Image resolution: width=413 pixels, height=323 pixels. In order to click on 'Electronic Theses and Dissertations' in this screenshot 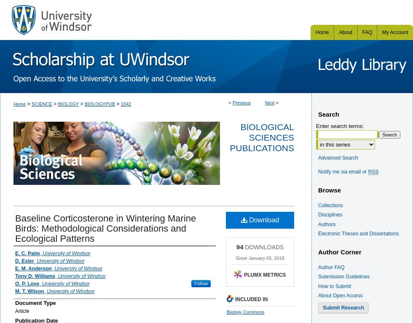, I will do `click(358, 234)`.